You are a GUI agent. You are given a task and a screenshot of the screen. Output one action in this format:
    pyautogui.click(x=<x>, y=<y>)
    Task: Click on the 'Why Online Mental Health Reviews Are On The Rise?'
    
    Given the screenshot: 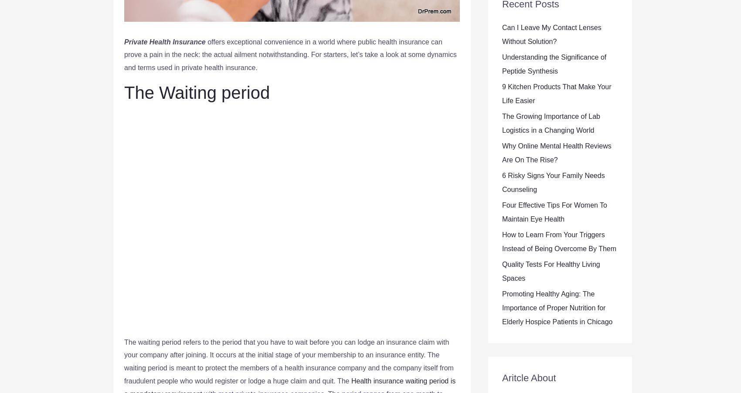 What is the action you would take?
    pyautogui.click(x=557, y=153)
    